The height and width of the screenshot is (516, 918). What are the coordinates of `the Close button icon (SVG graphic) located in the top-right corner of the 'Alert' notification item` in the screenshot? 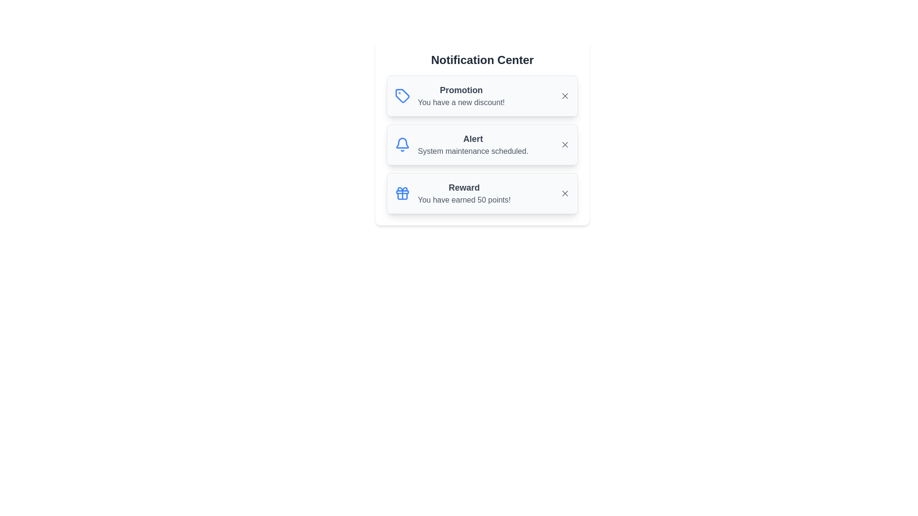 It's located at (565, 145).